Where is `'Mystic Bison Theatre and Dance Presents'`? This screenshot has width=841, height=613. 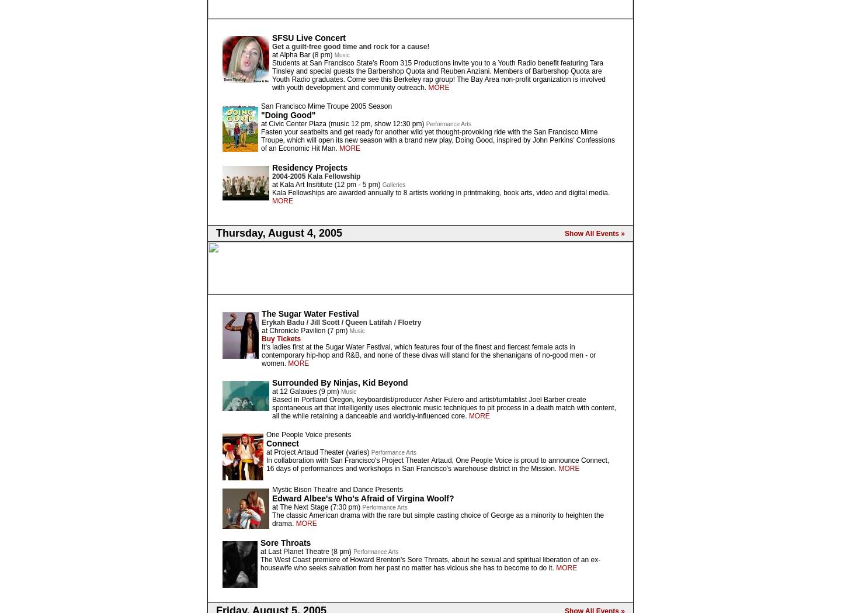
'Mystic Bison Theatre and Dance Presents' is located at coordinates (337, 489).